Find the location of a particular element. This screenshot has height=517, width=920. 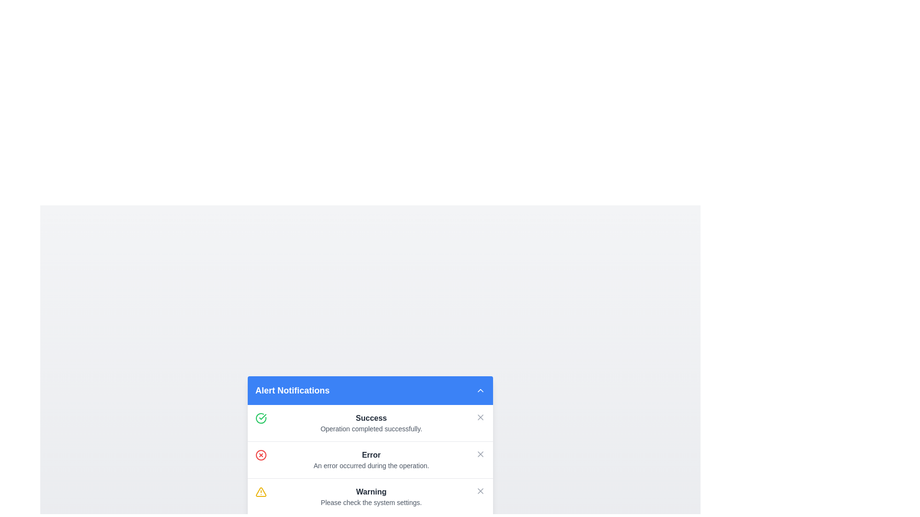

the error notification message displayed as the second item in the notification list to read the message is located at coordinates (369, 459).